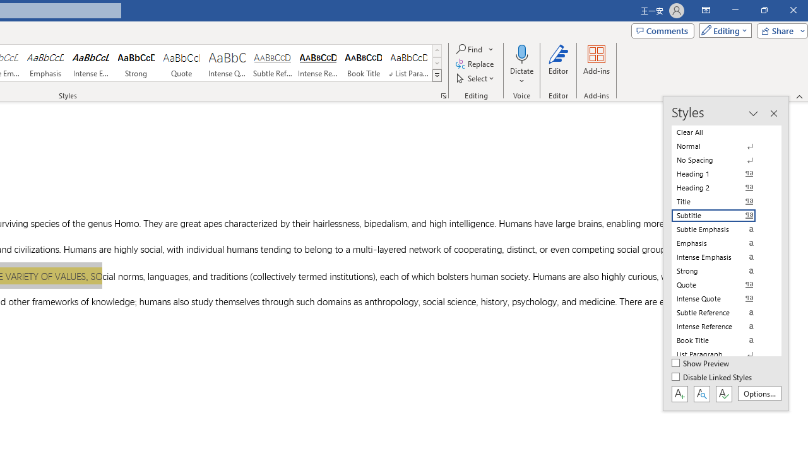 The image size is (808, 454). What do you see at coordinates (721, 174) in the screenshot?
I see `'Heading 1'` at bounding box center [721, 174].